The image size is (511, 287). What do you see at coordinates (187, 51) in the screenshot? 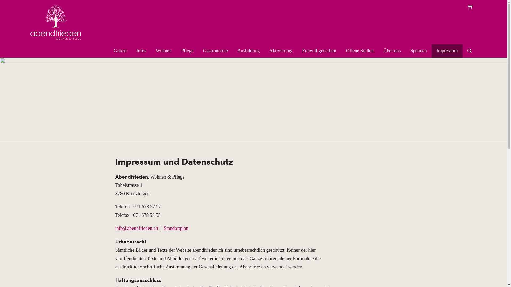
I see `'Pflege'` at bounding box center [187, 51].